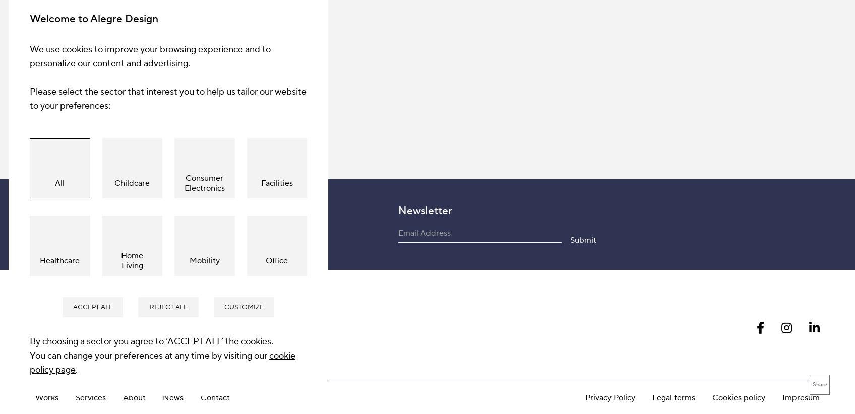 This screenshot has width=855, height=414. I want to click on 'About', so click(134, 171).